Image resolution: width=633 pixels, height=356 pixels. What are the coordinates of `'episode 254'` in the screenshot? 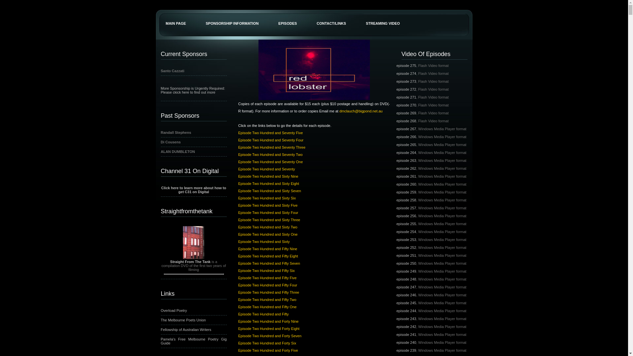 It's located at (406, 231).